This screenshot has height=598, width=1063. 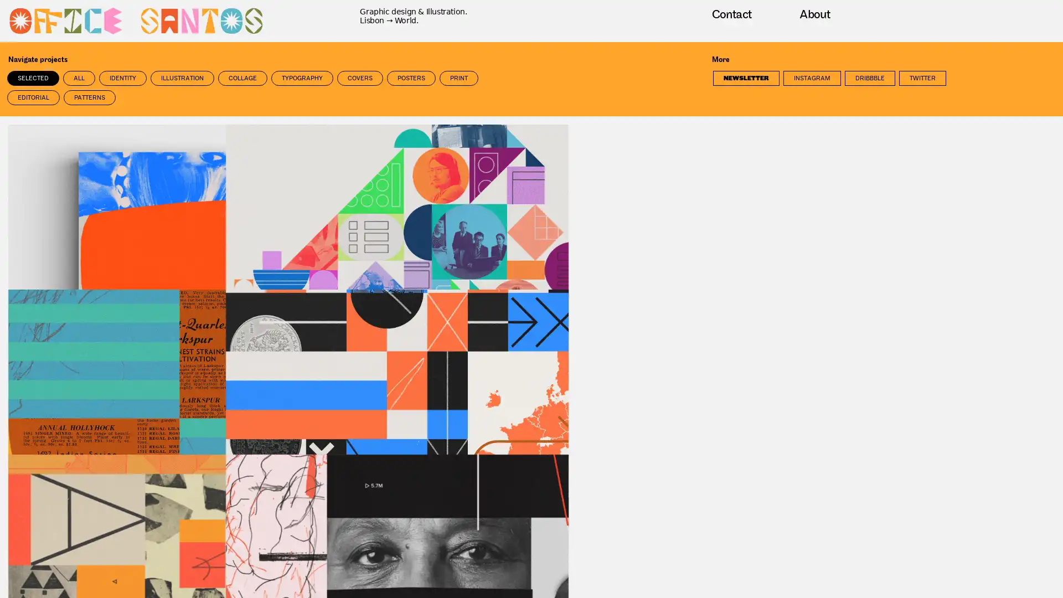 I want to click on POSTERS, so click(x=411, y=78).